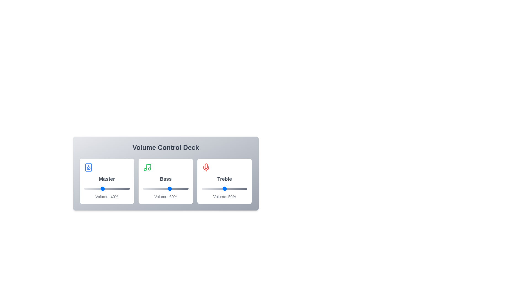  What do you see at coordinates (97, 188) in the screenshot?
I see `the Master volume slider to 28%` at bounding box center [97, 188].